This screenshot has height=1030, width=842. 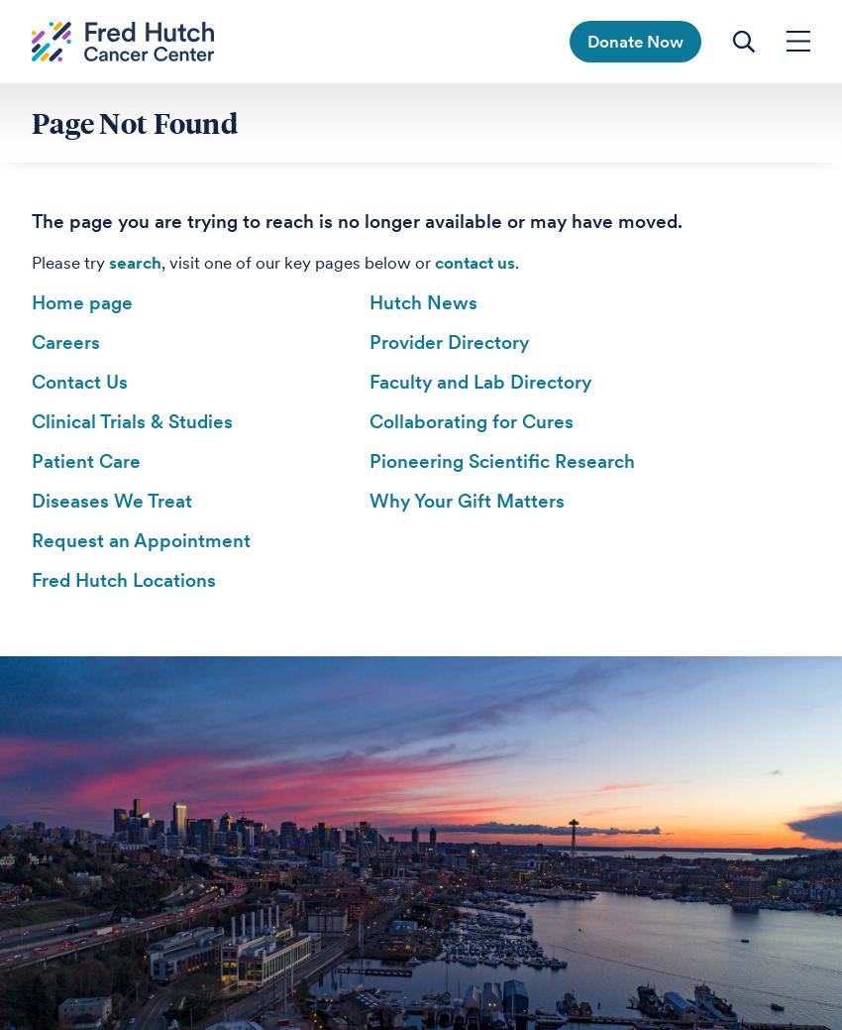 What do you see at coordinates (635, 40) in the screenshot?
I see `'Donate Now'` at bounding box center [635, 40].